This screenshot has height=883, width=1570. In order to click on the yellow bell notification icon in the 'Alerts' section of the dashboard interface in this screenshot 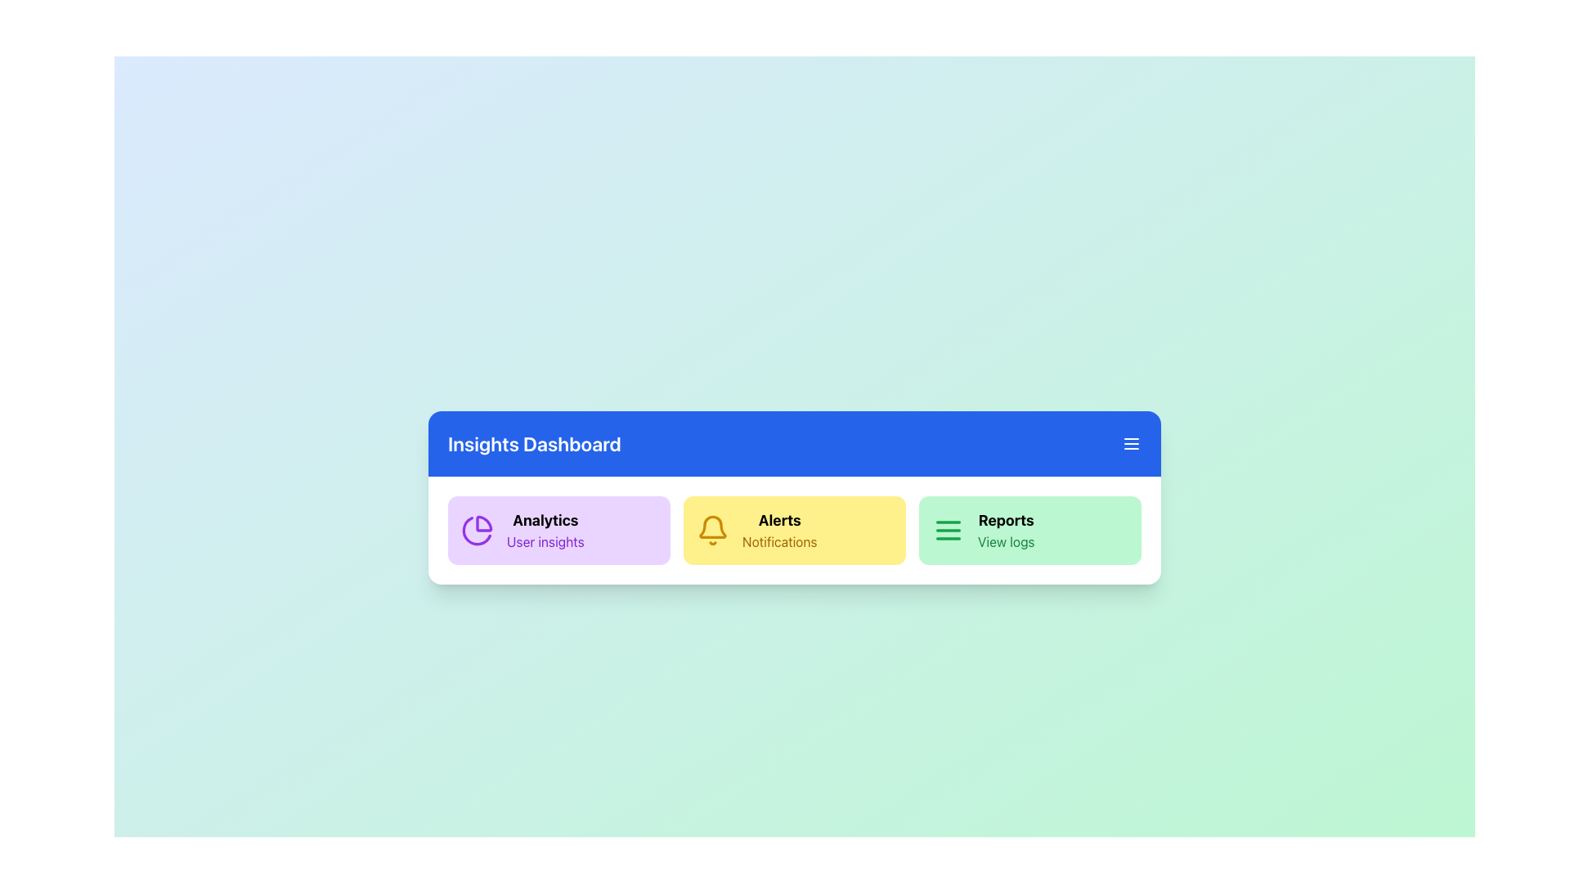, I will do `click(713, 527)`.